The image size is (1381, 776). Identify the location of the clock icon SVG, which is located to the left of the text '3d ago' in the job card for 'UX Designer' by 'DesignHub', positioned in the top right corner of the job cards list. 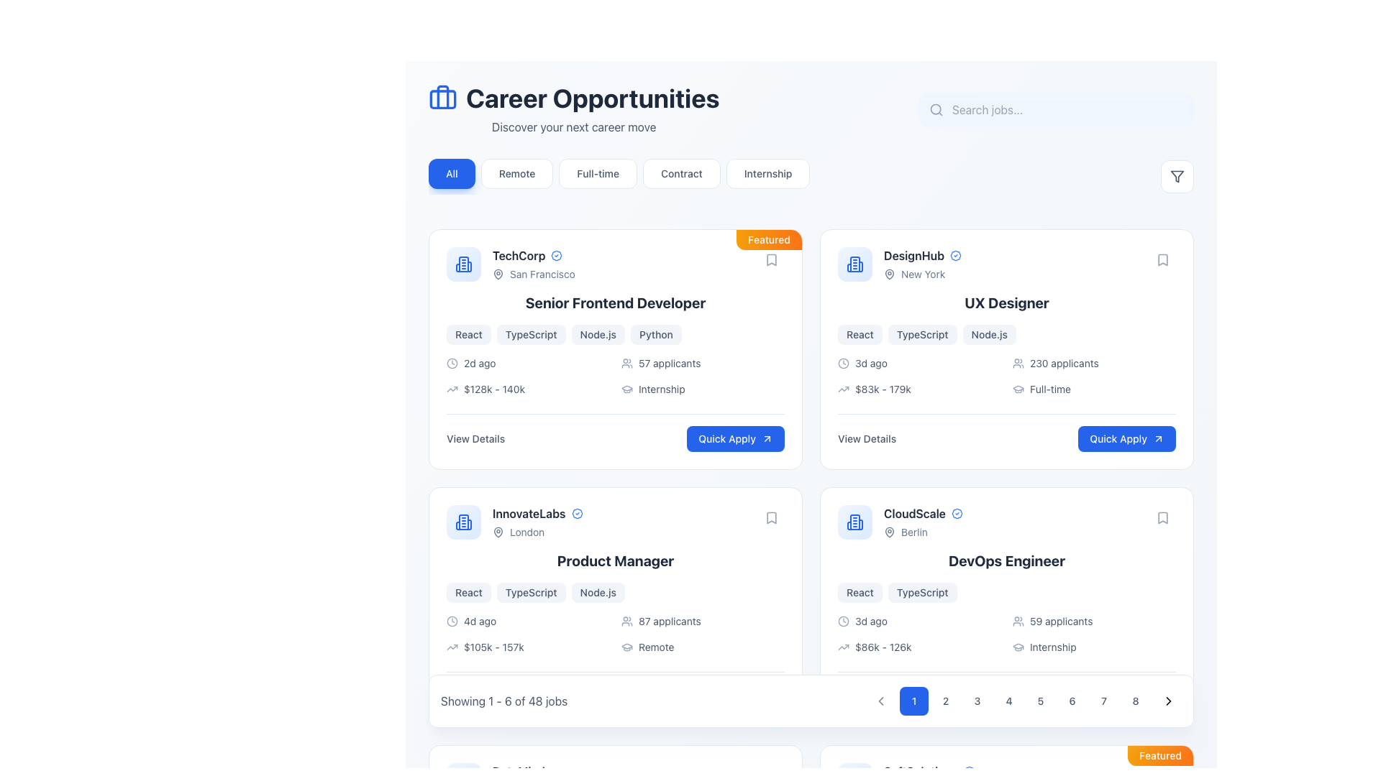
(843, 362).